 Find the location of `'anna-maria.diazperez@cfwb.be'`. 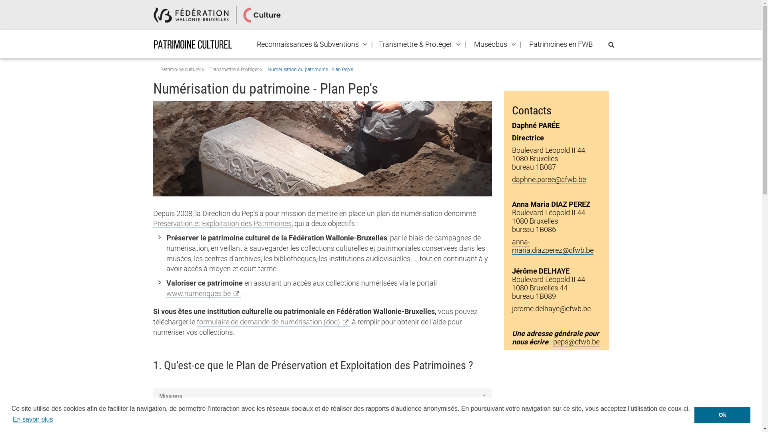

'anna-maria.diazperez@cfwb.be' is located at coordinates (512, 246).